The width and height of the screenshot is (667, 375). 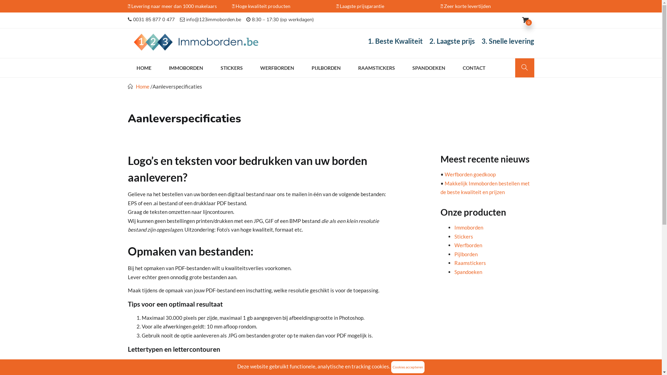 I want to click on 'Home', so click(x=135, y=86).